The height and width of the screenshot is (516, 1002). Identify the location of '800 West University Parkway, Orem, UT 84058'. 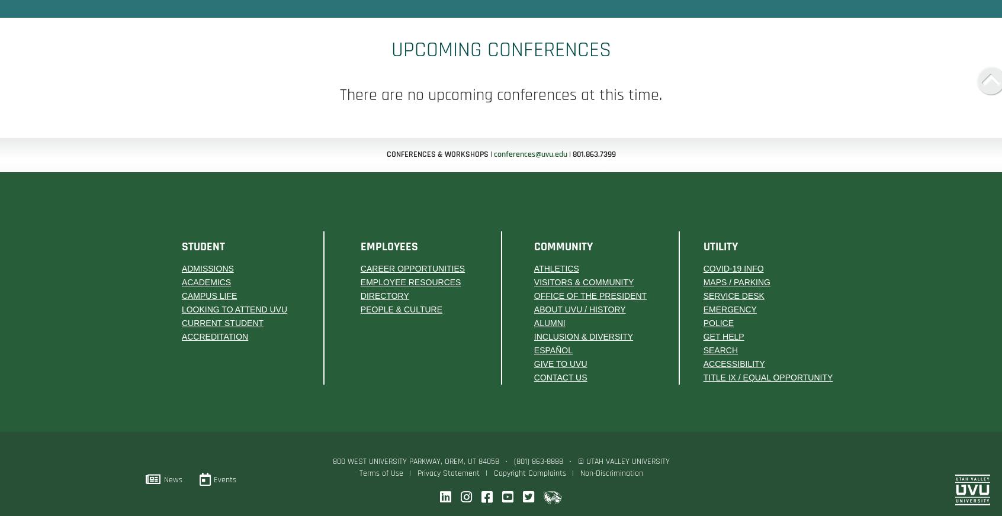
(415, 460).